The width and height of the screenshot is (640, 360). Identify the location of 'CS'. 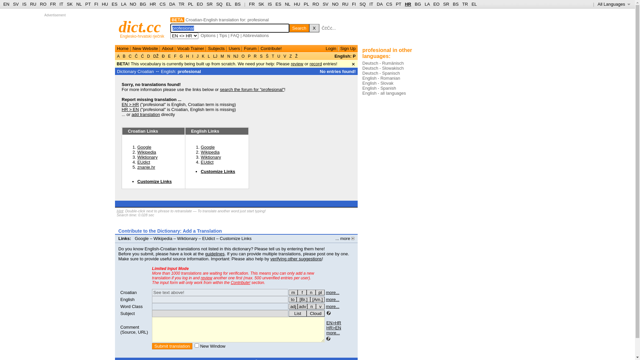
(163, 4).